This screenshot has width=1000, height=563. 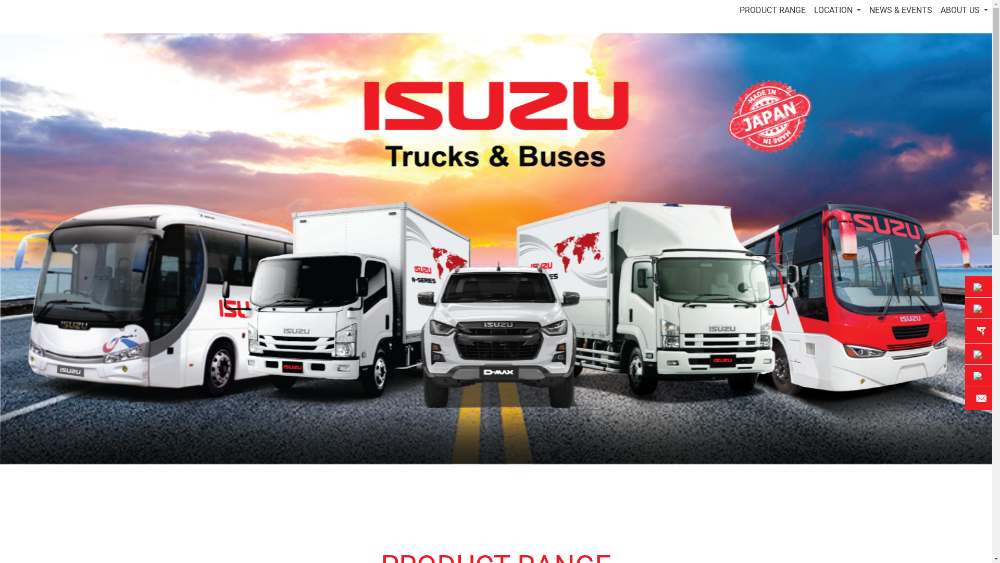 I want to click on 'Next', so click(x=917, y=249).